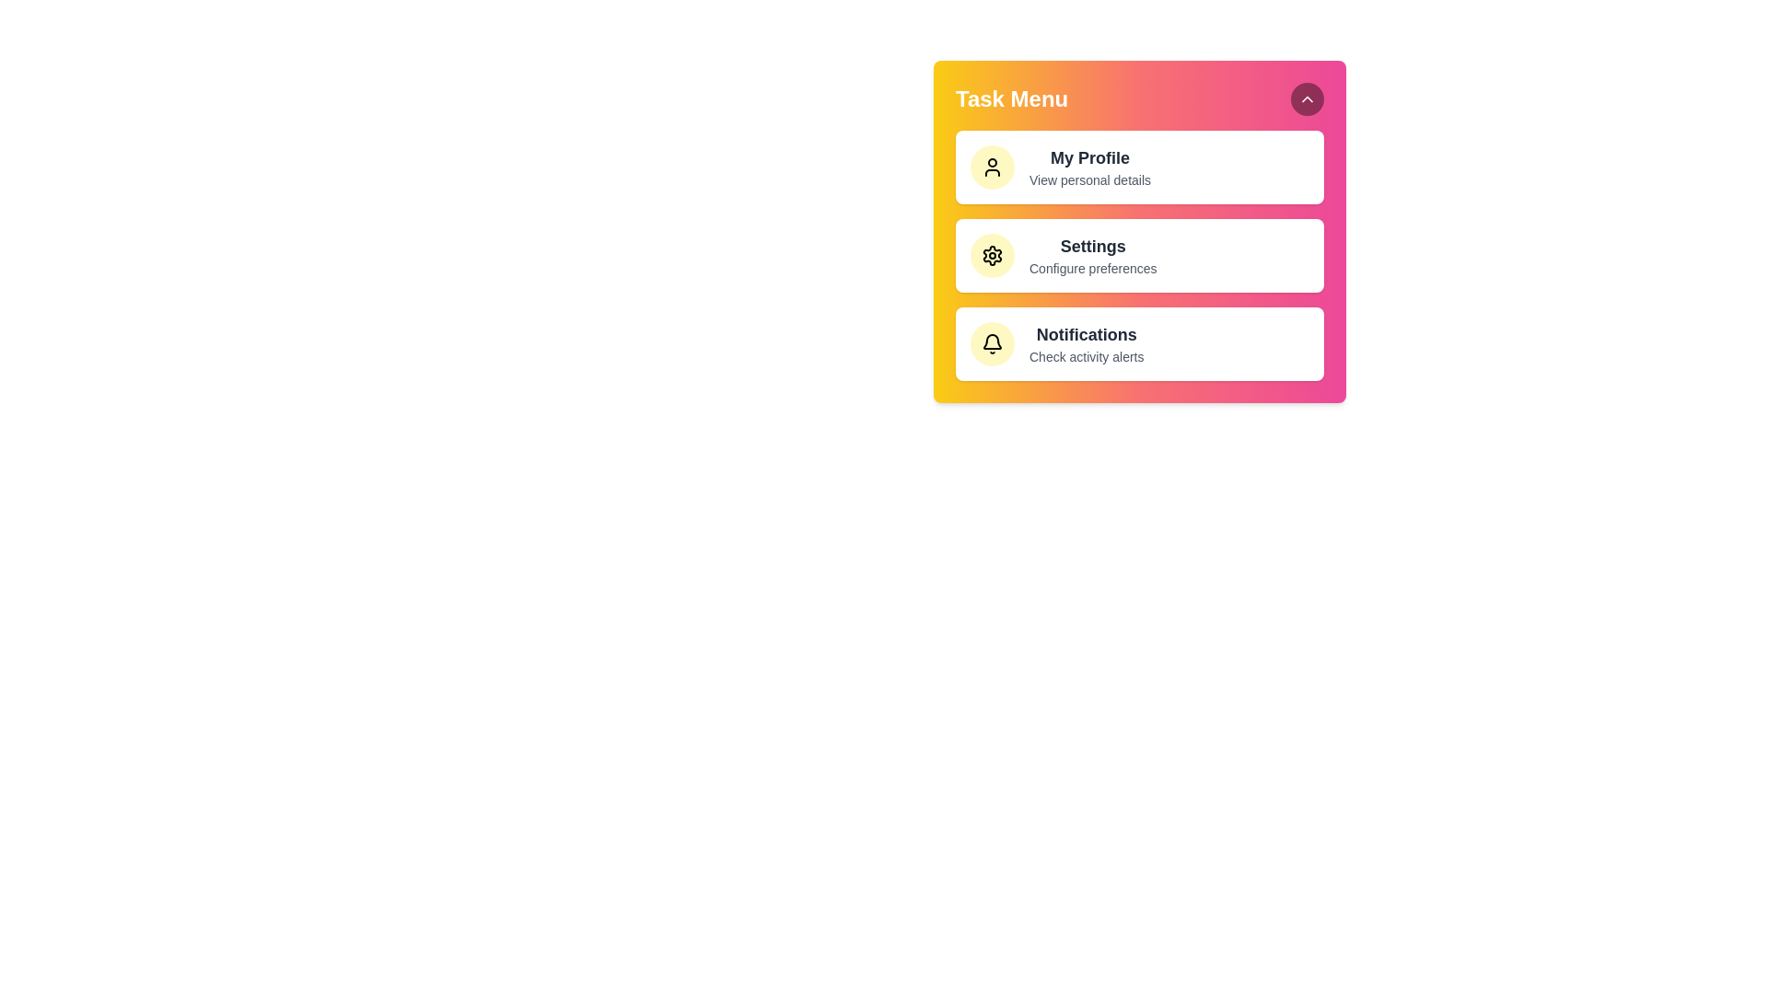 This screenshot has height=994, width=1768. Describe the element at coordinates (1139, 344) in the screenshot. I see `the menu item Notifications from the Task Menu` at that location.